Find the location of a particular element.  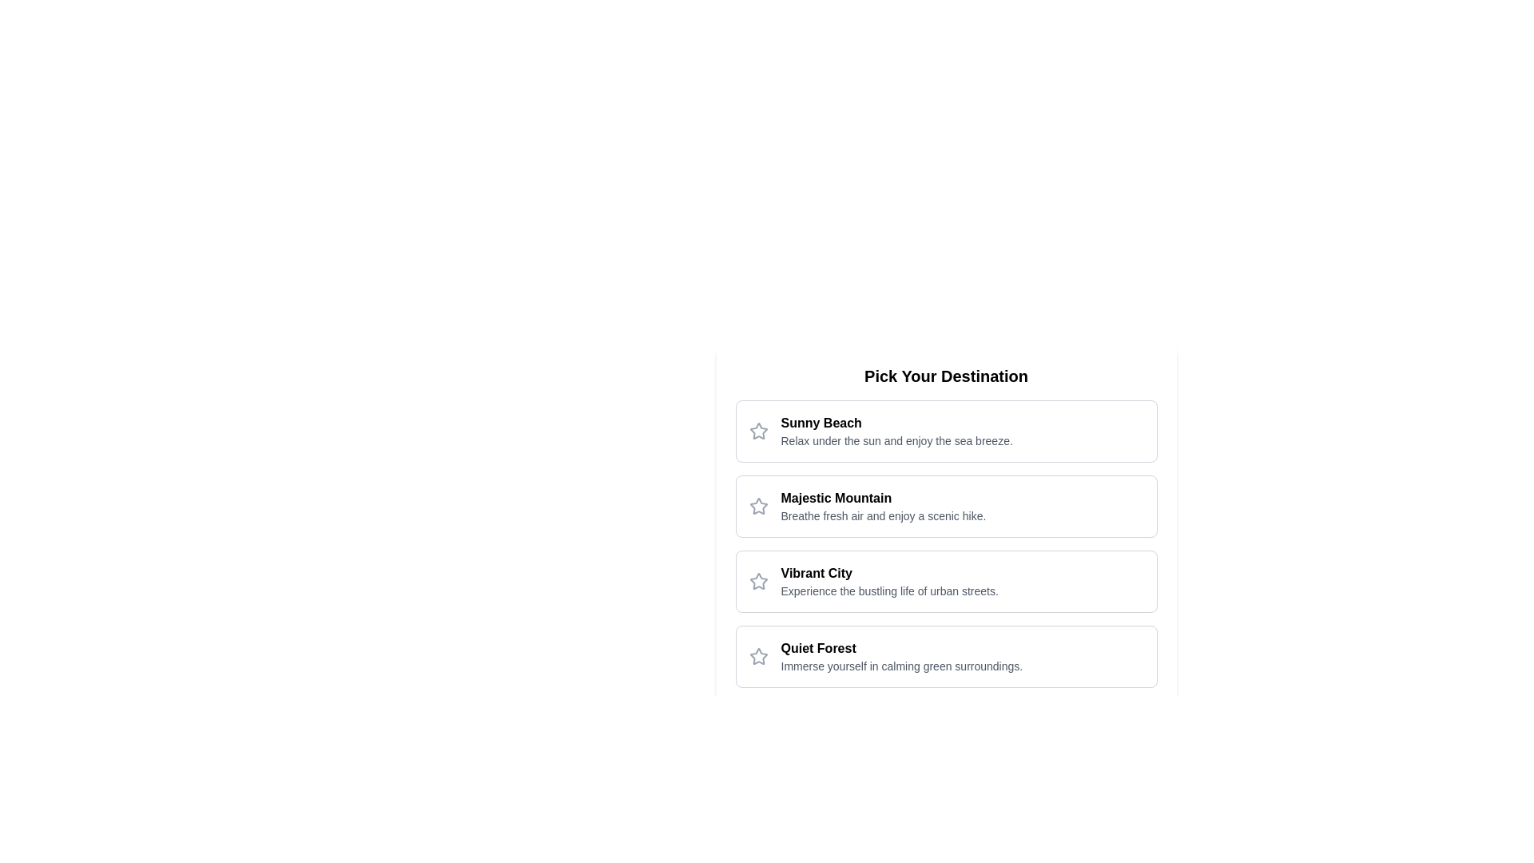

the 'Sunny Beach' text block, which is the first item in the list of destination options that provides information about the destination is located at coordinates (896, 431).